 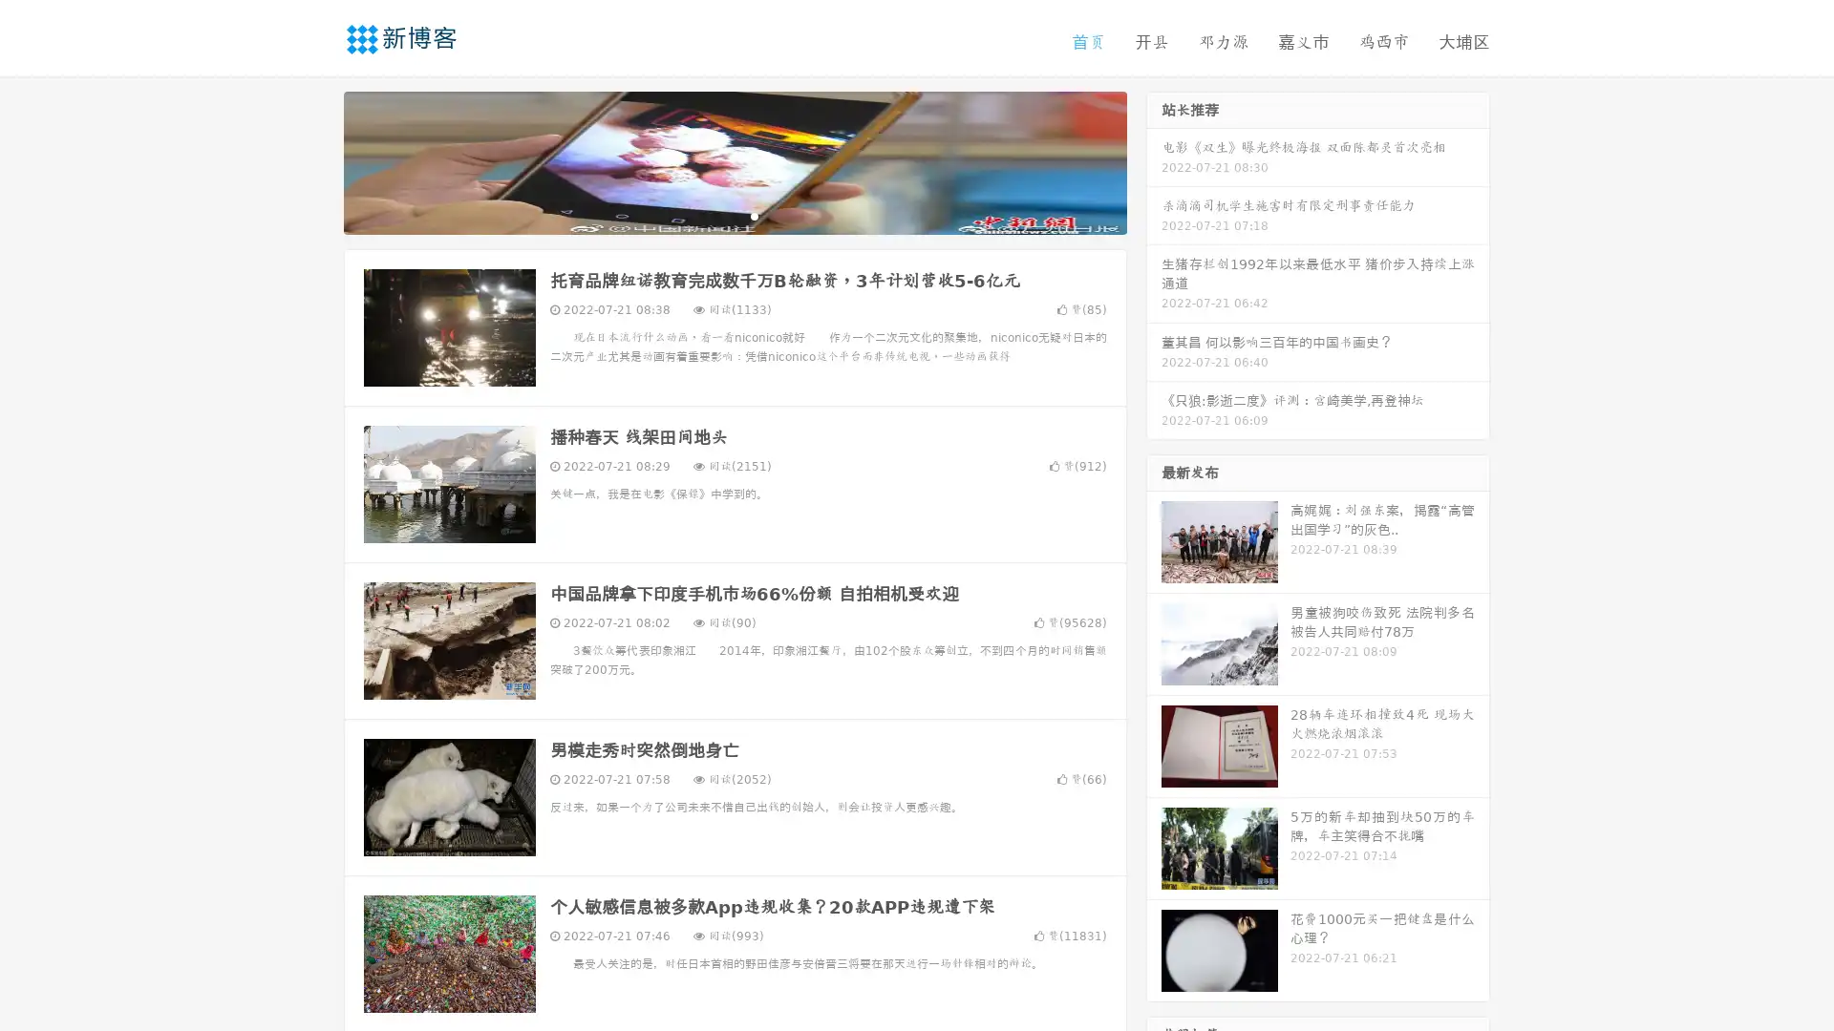 What do you see at coordinates (315, 160) in the screenshot?
I see `Previous slide` at bounding box center [315, 160].